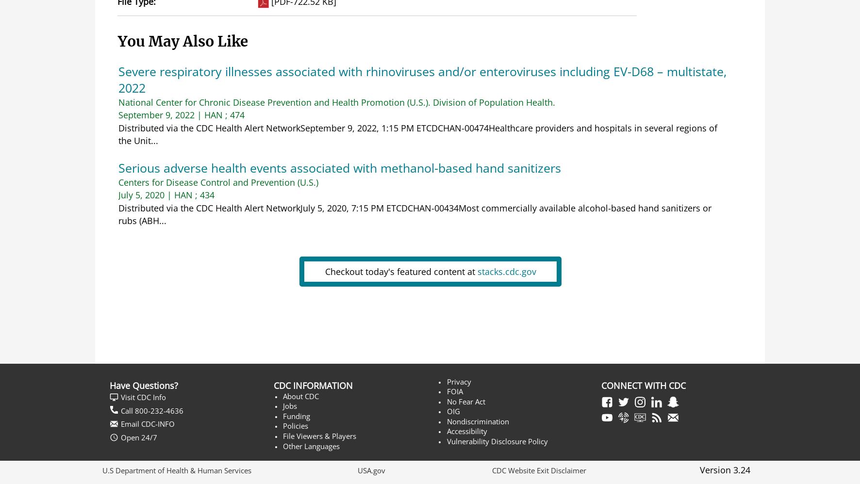  What do you see at coordinates (477, 420) in the screenshot?
I see `'Nondiscrimination'` at bounding box center [477, 420].